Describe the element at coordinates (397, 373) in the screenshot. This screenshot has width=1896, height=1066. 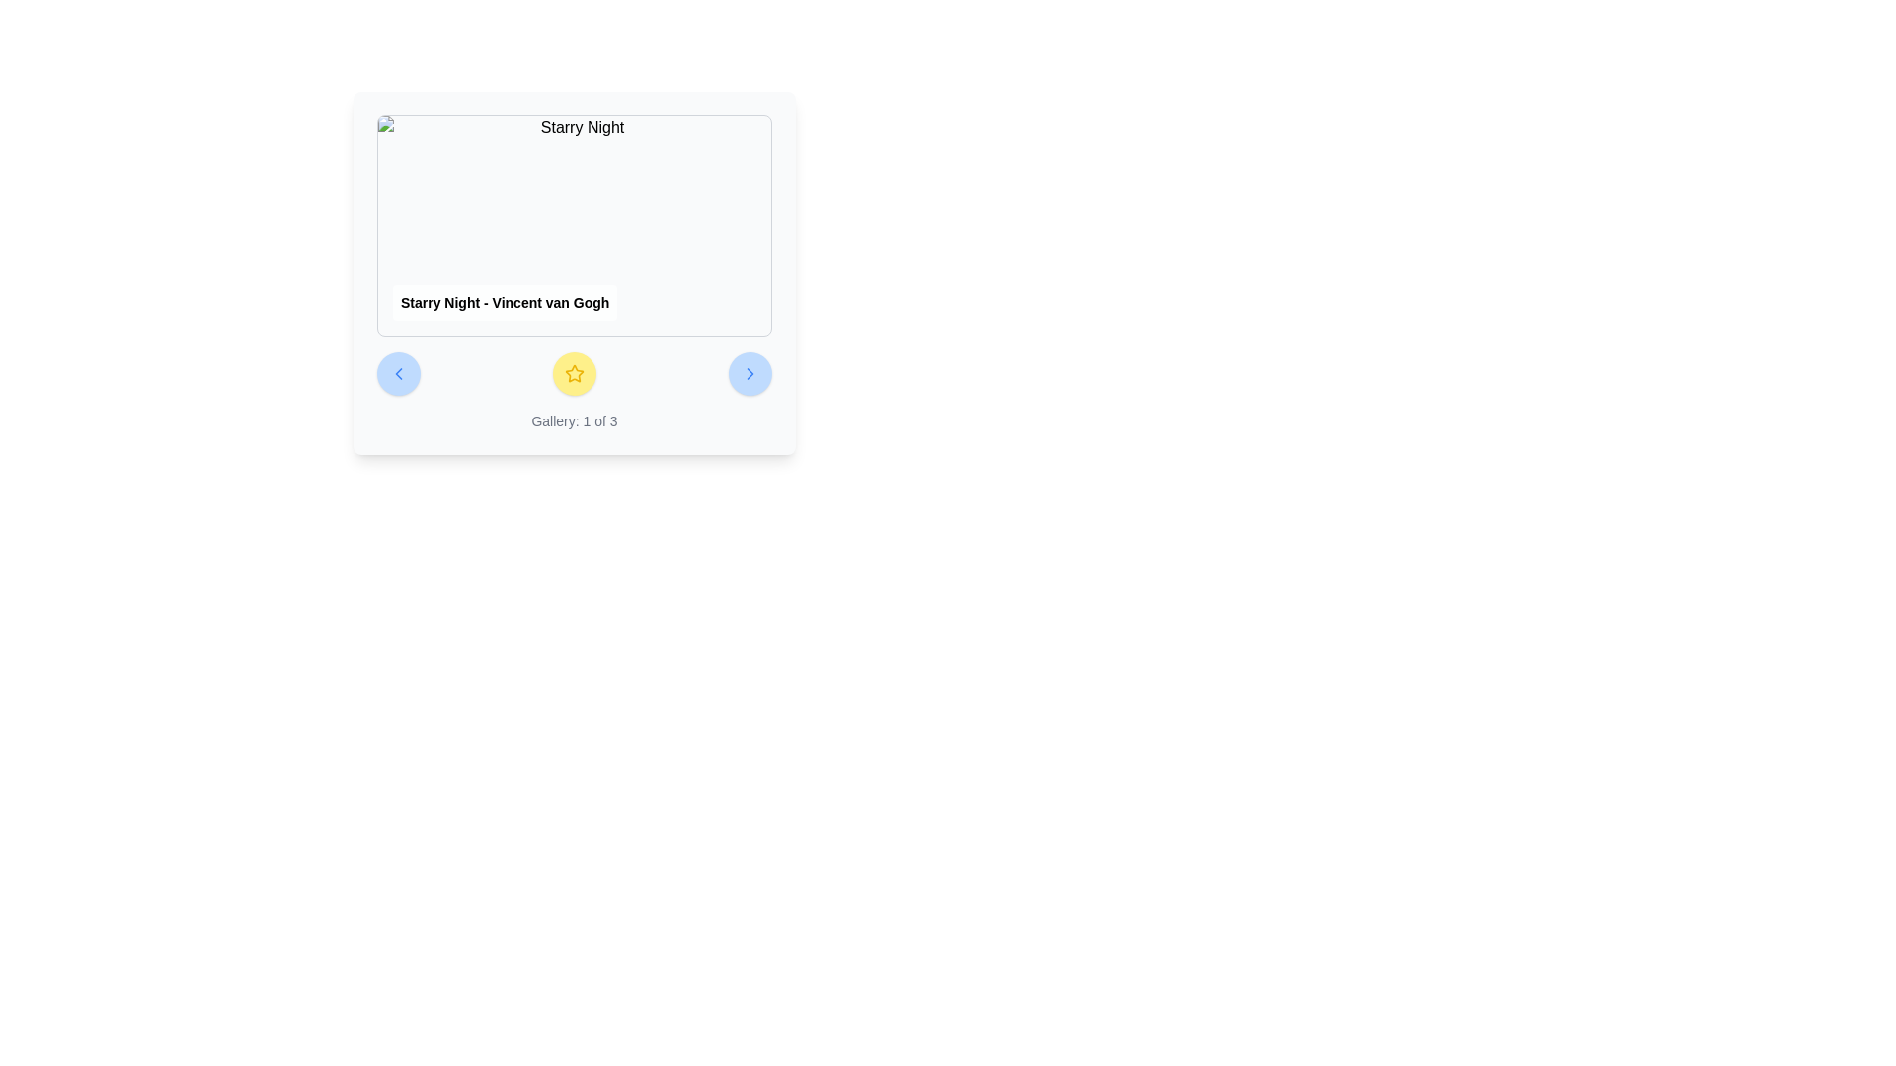
I see `the first interactive button that allows users to navigate to the previous item in the gallery or carousel for keyboard navigation` at that location.